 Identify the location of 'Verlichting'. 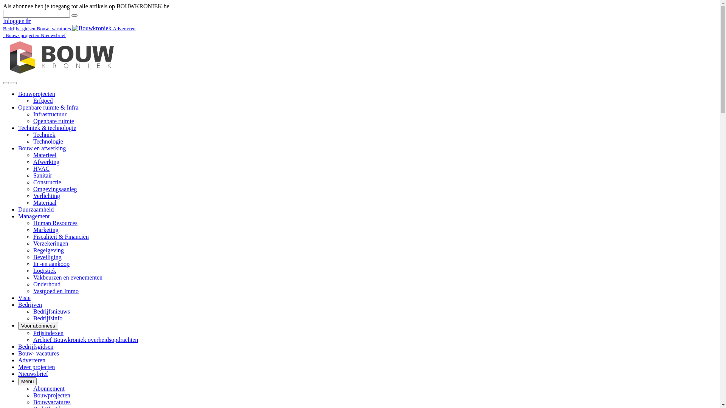
(46, 195).